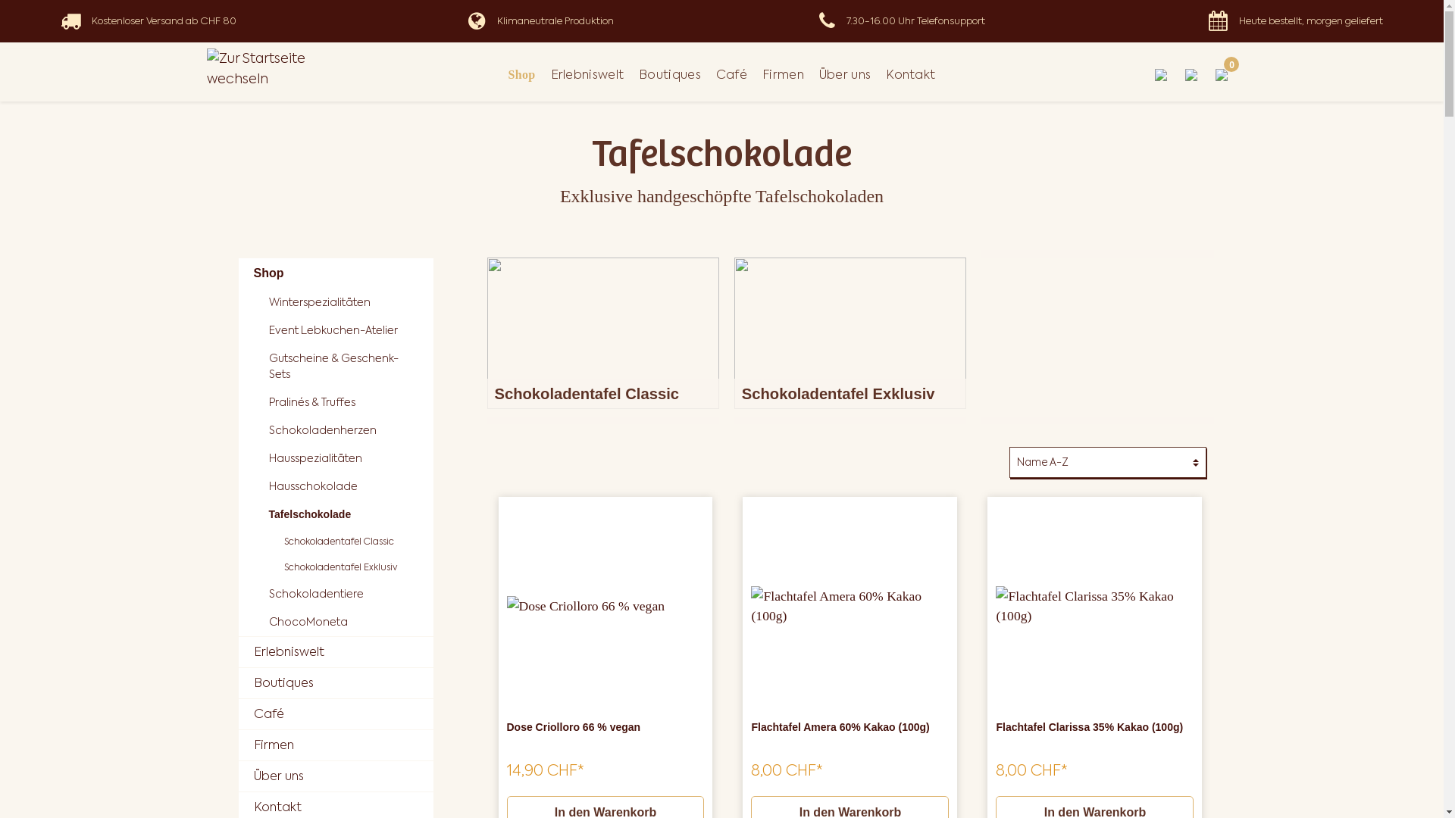  What do you see at coordinates (342, 622) in the screenshot?
I see `'ChocoMoneta'` at bounding box center [342, 622].